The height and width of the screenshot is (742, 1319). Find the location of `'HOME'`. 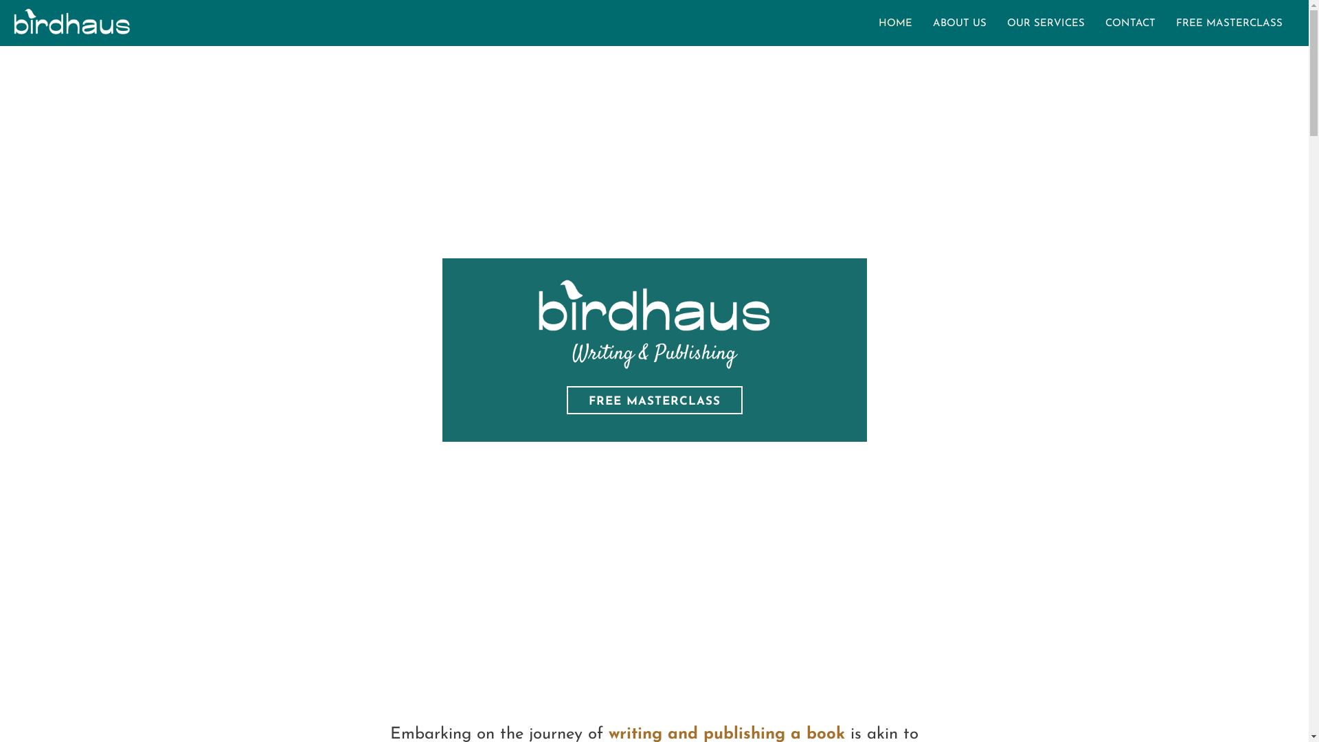

'HOME' is located at coordinates (895, 23).